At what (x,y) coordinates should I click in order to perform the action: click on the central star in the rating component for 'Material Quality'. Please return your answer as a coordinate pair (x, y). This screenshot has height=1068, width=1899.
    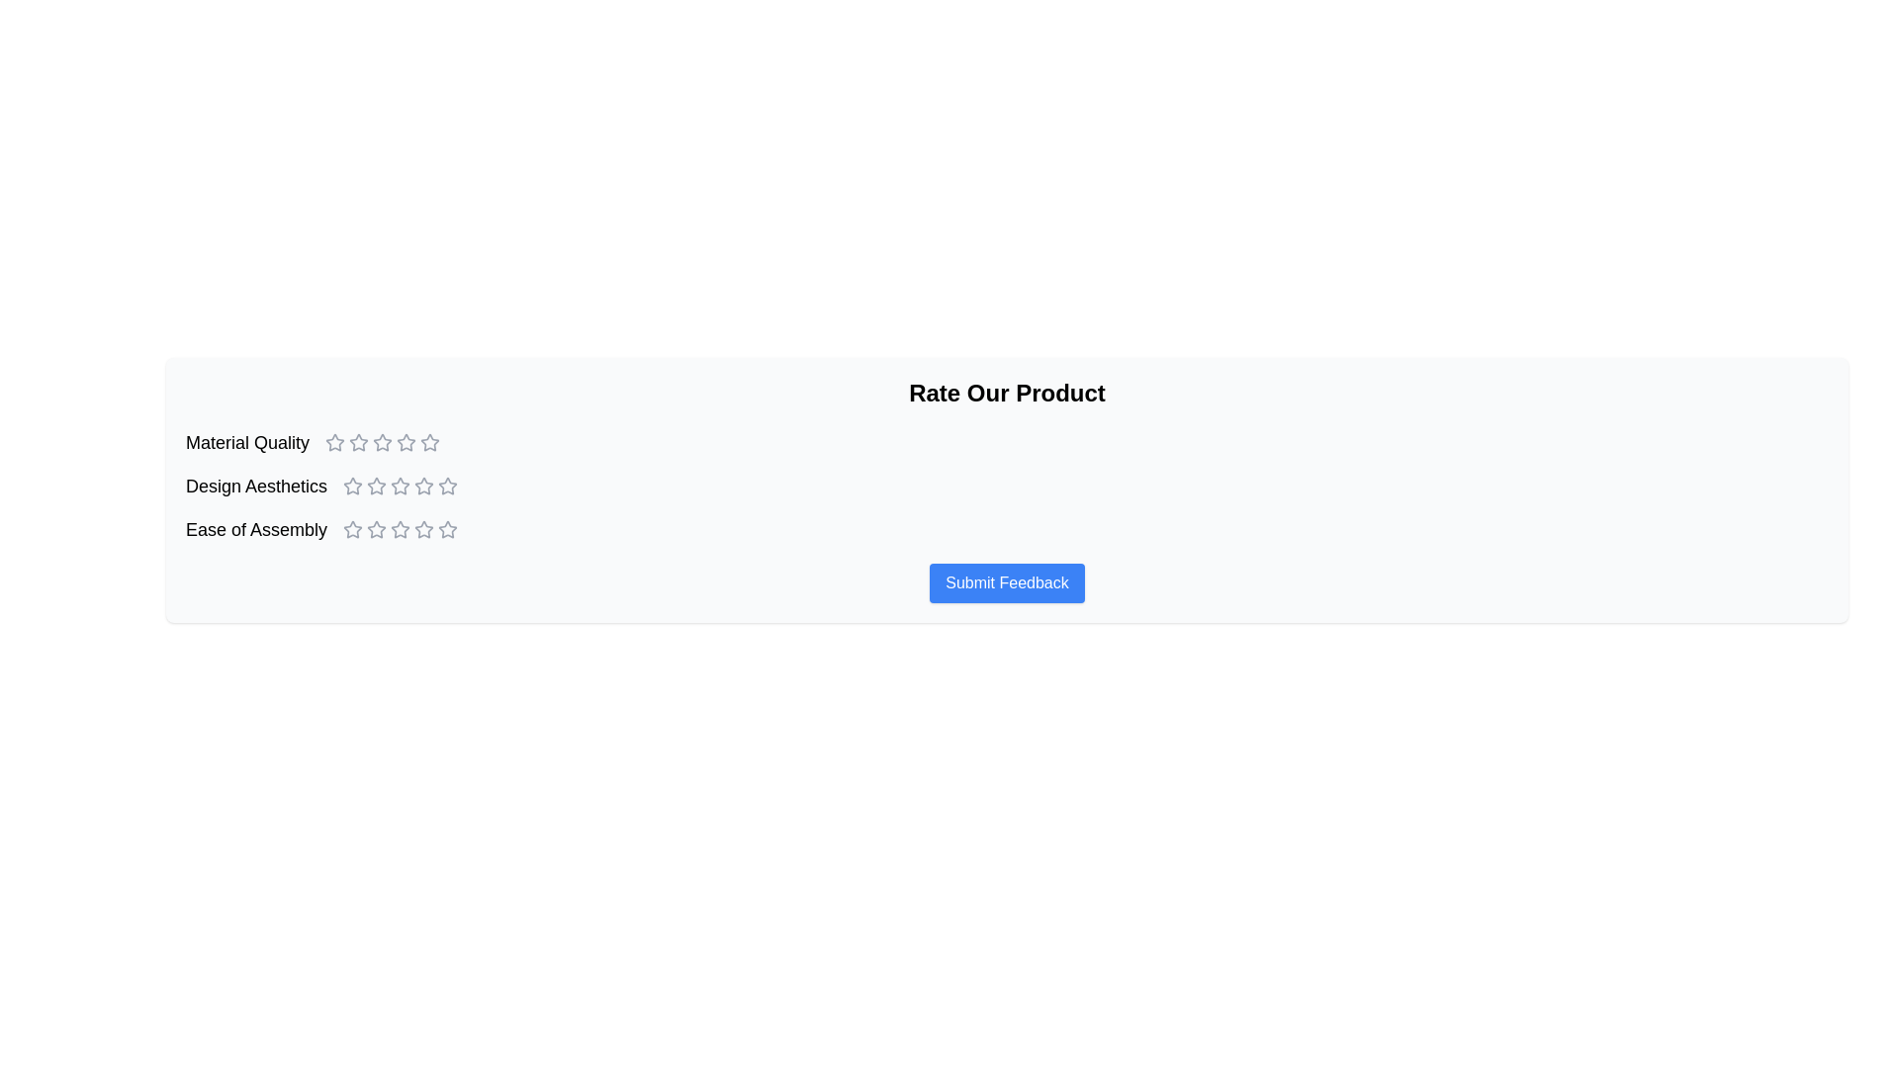
    Looking at the image, I should click on (383, 441).